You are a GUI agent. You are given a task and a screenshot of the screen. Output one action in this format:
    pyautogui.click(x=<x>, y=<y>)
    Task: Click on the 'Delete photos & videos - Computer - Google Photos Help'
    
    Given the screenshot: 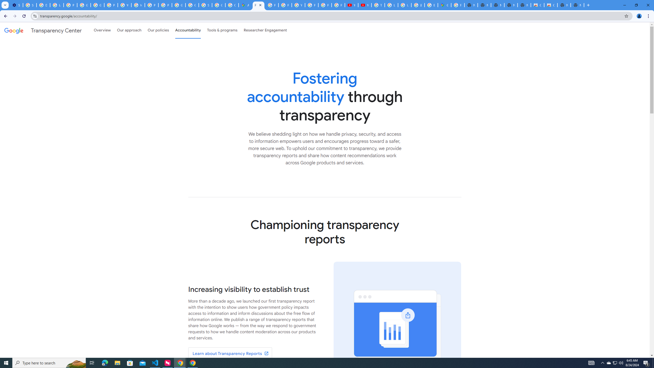 What is the action you would take?
    pyautogui.click(x=43, y=5)
    